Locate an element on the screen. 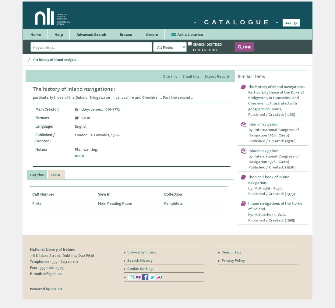 Image resolution: width=335 pixels, height=308 pixels. 'Telephone:' is located at coordinates (39, 261).